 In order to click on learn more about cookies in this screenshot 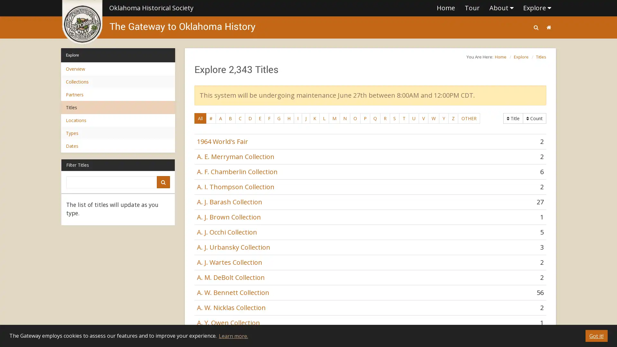, I will do `click(233, 335)`.